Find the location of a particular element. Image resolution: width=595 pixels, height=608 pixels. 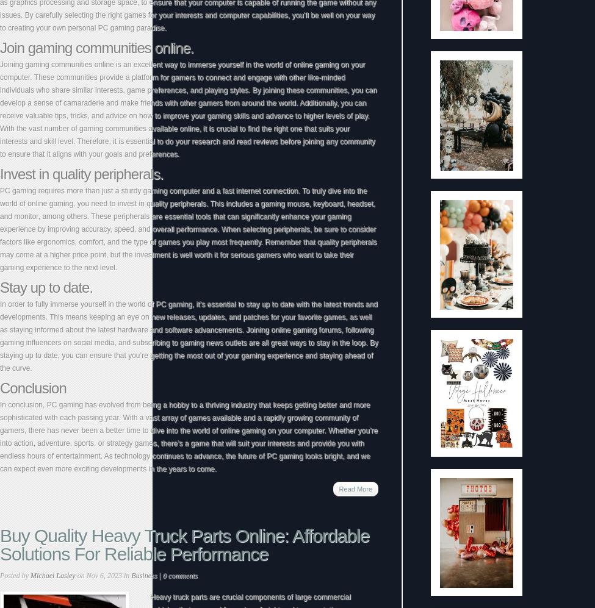

'Invest in quality peripherals.' is located at coordinates (81, 174).